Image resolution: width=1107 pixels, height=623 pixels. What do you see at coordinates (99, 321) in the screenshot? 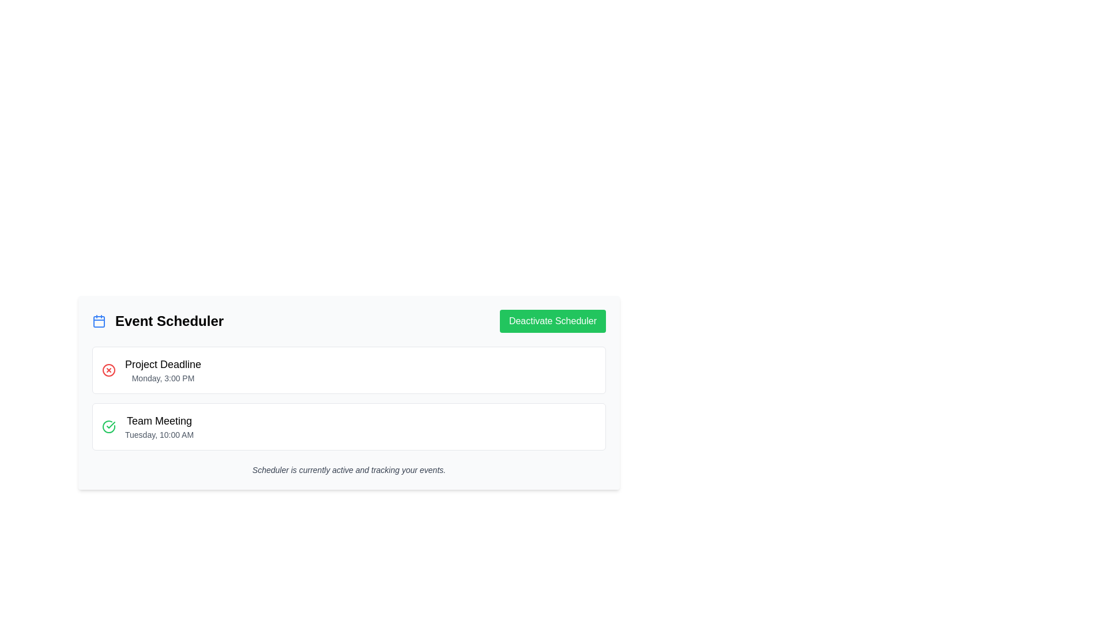
I see `the icon that visually represents the scheduler functionality, located to the left of the 'Event Scheduler' text at the top-left section of the card` at bounding box center [99, 321].